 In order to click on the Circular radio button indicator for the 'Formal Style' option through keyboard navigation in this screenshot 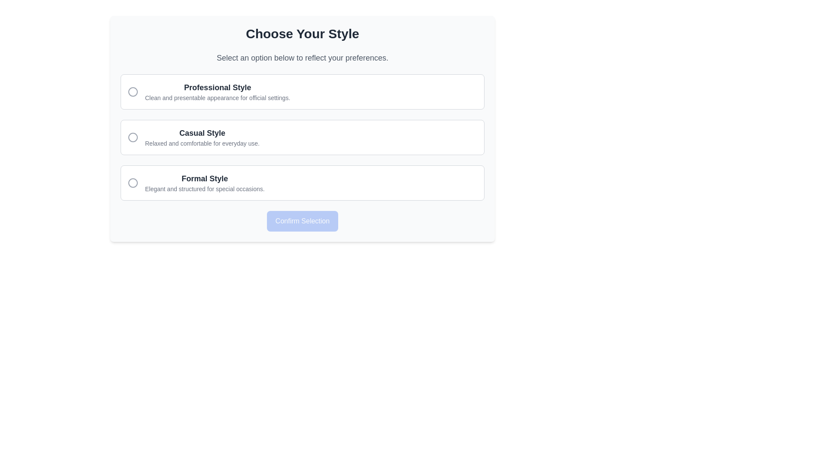, I will do `click(133, 182)`.